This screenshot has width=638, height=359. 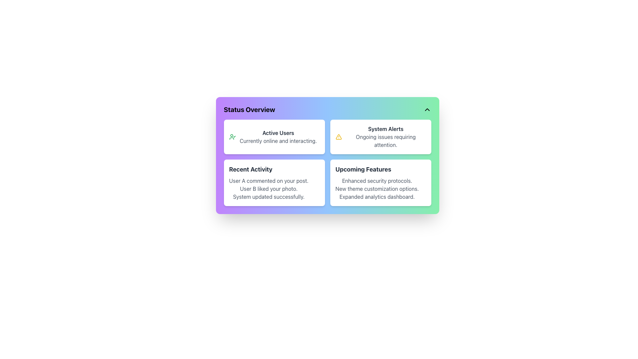 I want to click on the Text display within the second card of the top row in the status overview section, so click(x=386, y=137).